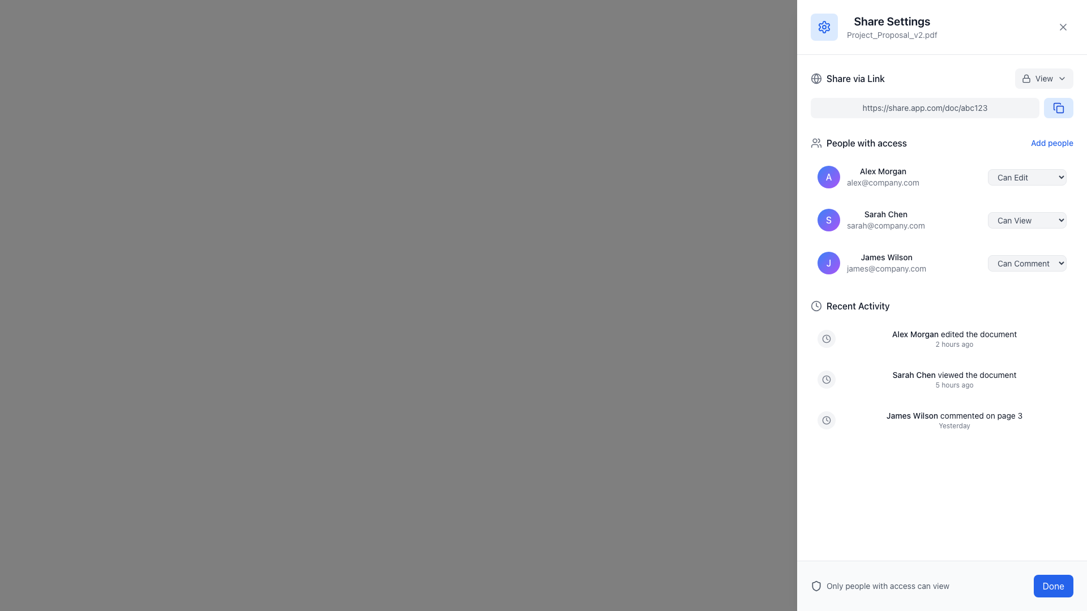  Describe the element at coordinates (953, 425) in the screenshot. I see `text label that provides timestamp information, specifically the text 'Yesterday', located in the 'Recent Activity' section below the comment from James Wilson` at that location.